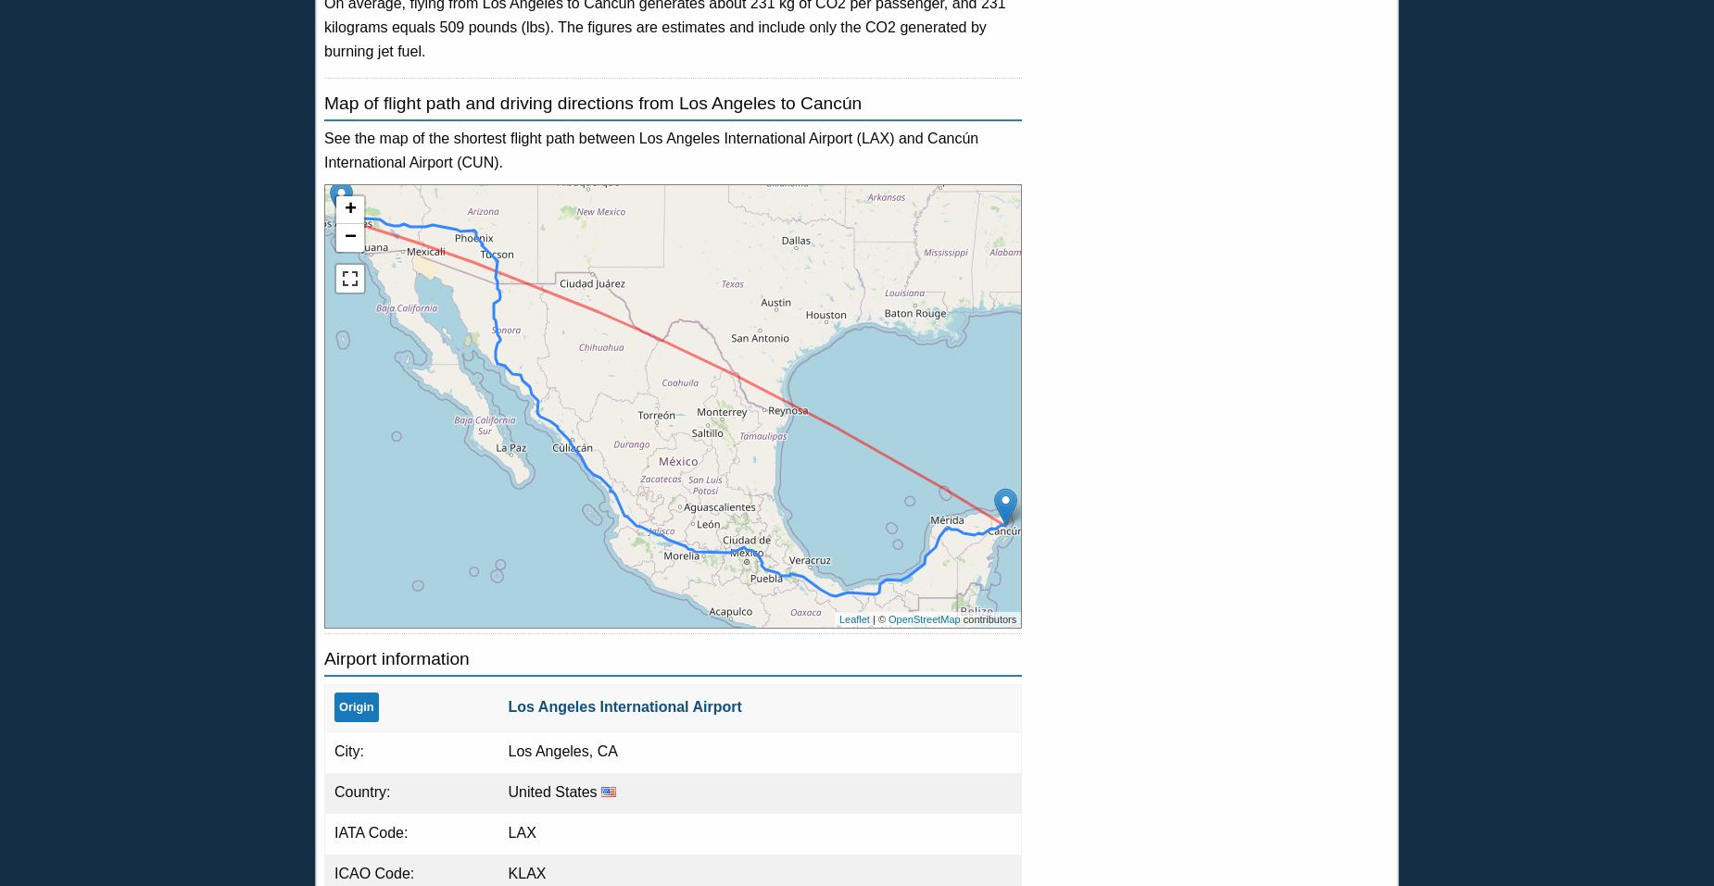  Describe the element at coordinates (592, 103) in the screenshot. I see `'Map of flight path and driving directions from Los Angeles to Cancún'` at that location.